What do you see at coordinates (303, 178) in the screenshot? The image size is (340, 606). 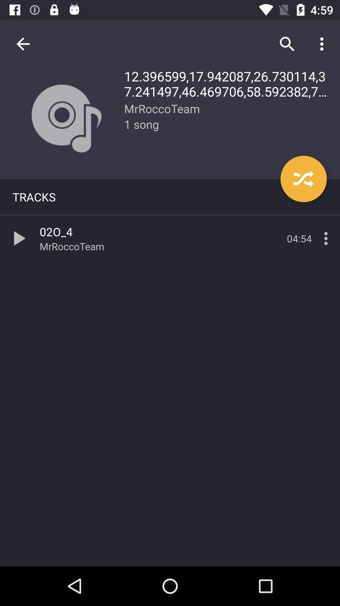 I see `the item below the 12 396599 17` at bounding box center [303, 178].